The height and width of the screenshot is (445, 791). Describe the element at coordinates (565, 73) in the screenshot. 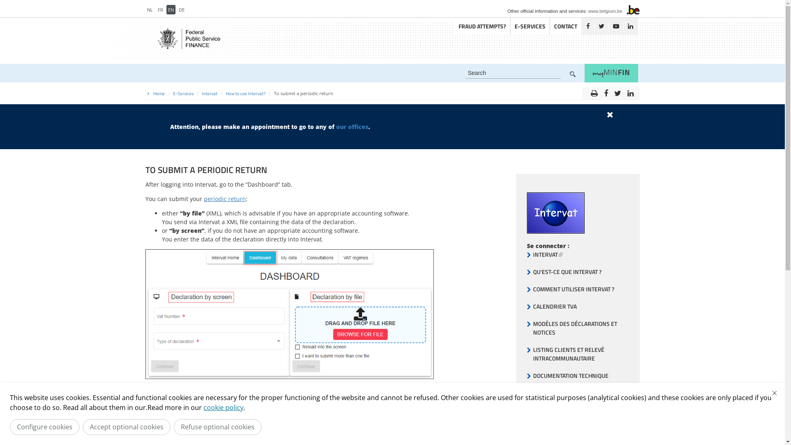

I see `'Zoek'` at that location.